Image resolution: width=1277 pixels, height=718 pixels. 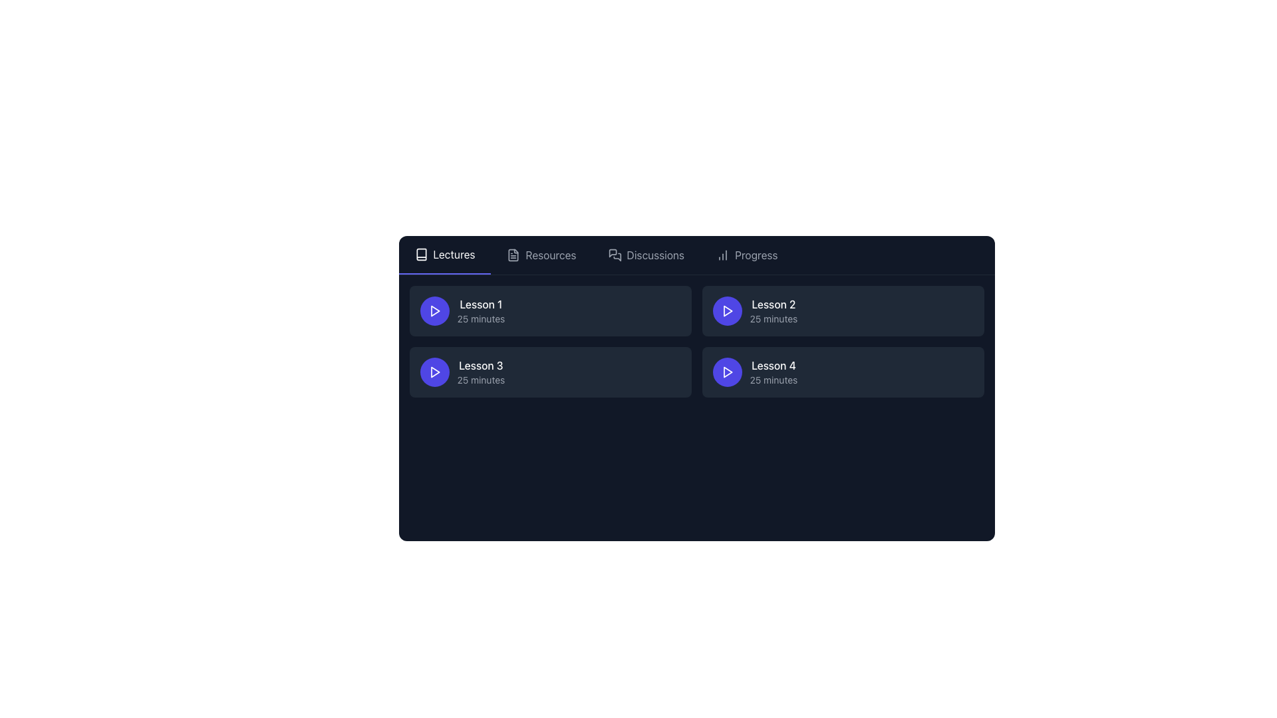 I want to click on the 'Lectures' tab, which is the first tab in a horizontal group, labeled 'Lectures' with a book icon and a blue underline indicating activation, so click(x=444, y=255).